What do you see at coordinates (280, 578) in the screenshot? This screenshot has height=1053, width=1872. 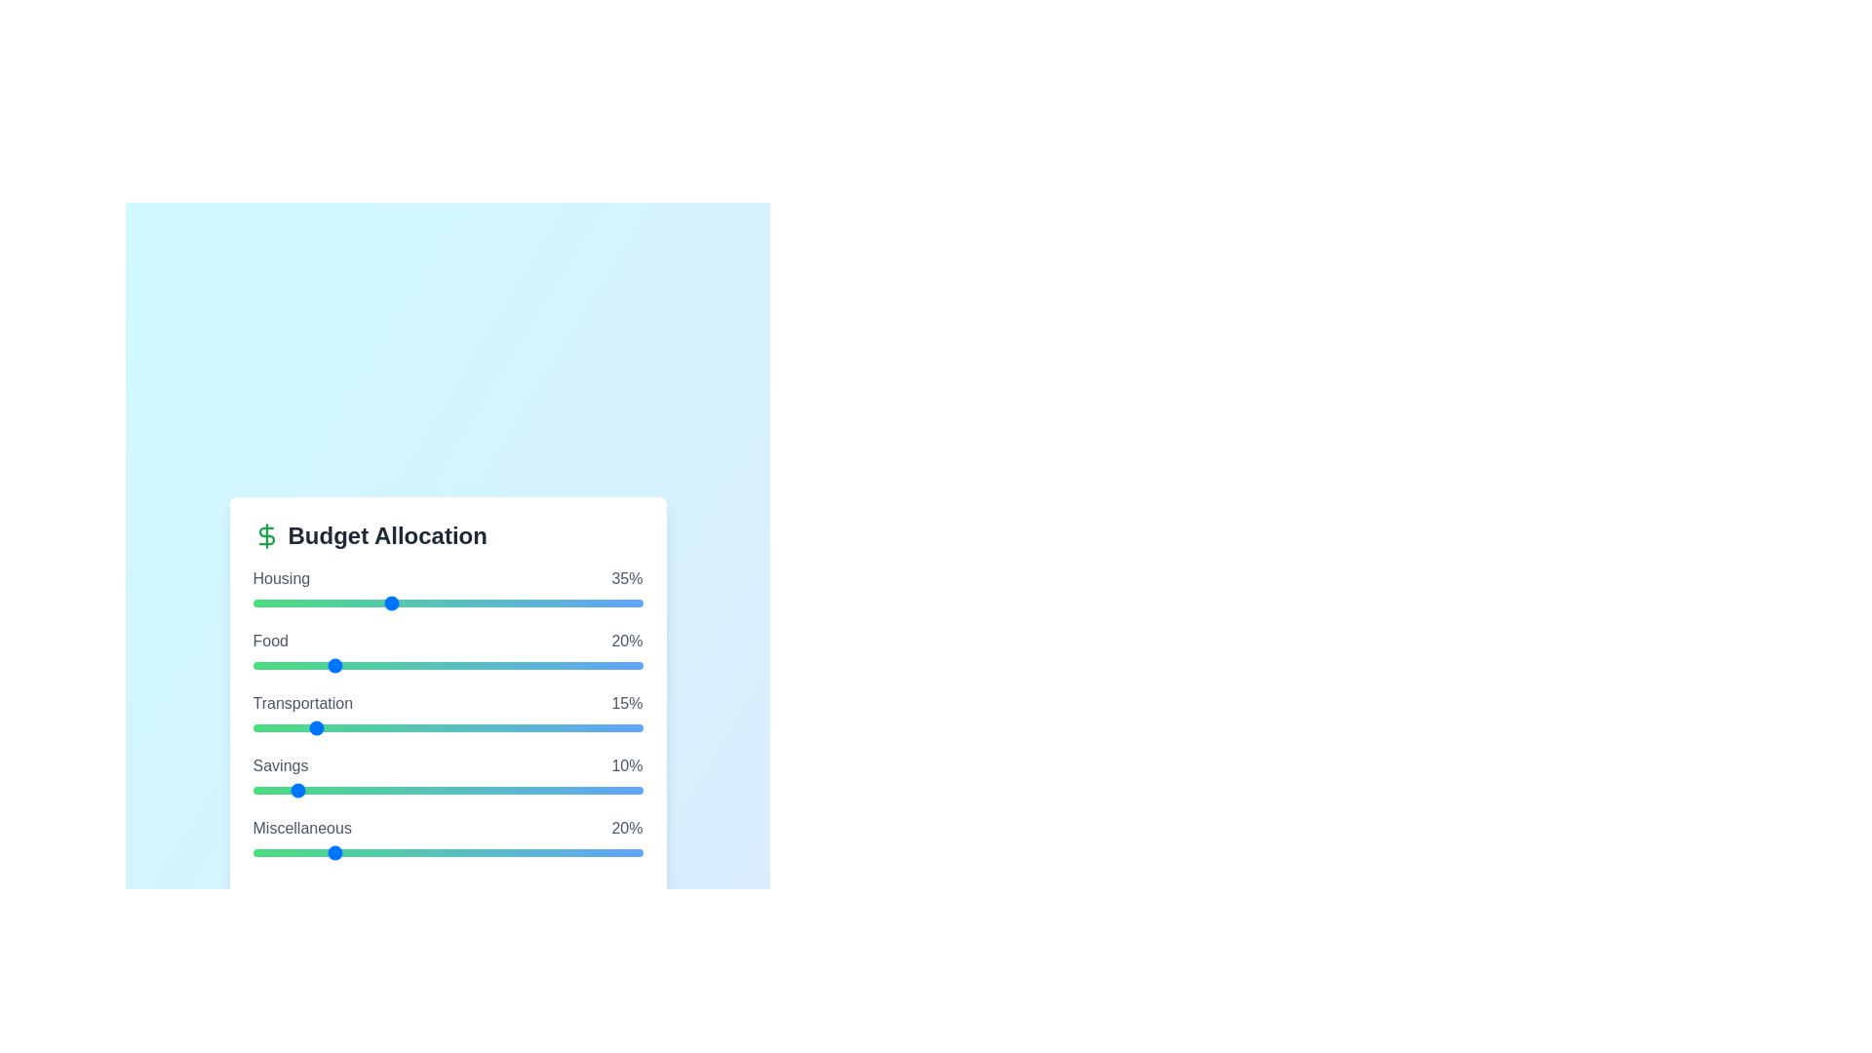 I see `the category name Housing to focus on it` at bounding box center [280, 578].